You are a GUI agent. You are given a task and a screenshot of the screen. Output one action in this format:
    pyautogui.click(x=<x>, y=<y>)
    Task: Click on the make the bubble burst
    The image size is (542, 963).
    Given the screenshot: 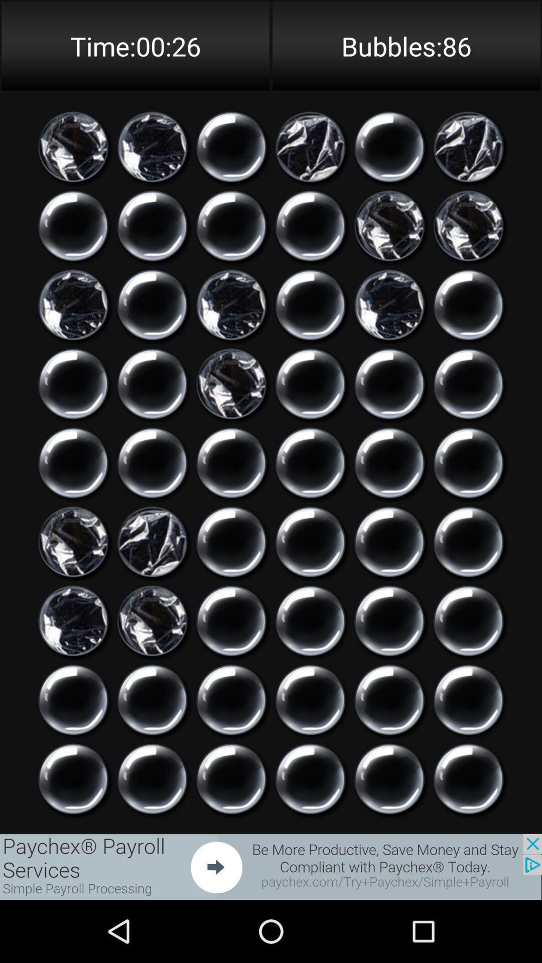 What is the action you would take?
    pyautogui.click(x=73, y=620)
    